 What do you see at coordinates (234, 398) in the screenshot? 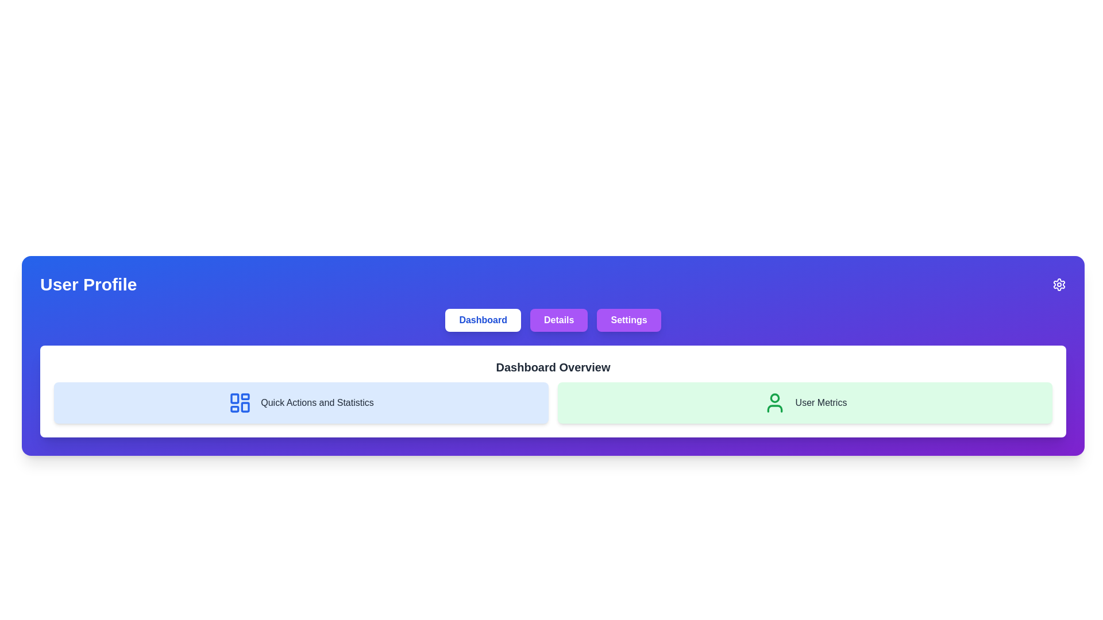
I see `the small rectangular shape with rounded corners located in the upper-left position of the SVG icon on the left side of the interface` at bounding box center [234, 398].